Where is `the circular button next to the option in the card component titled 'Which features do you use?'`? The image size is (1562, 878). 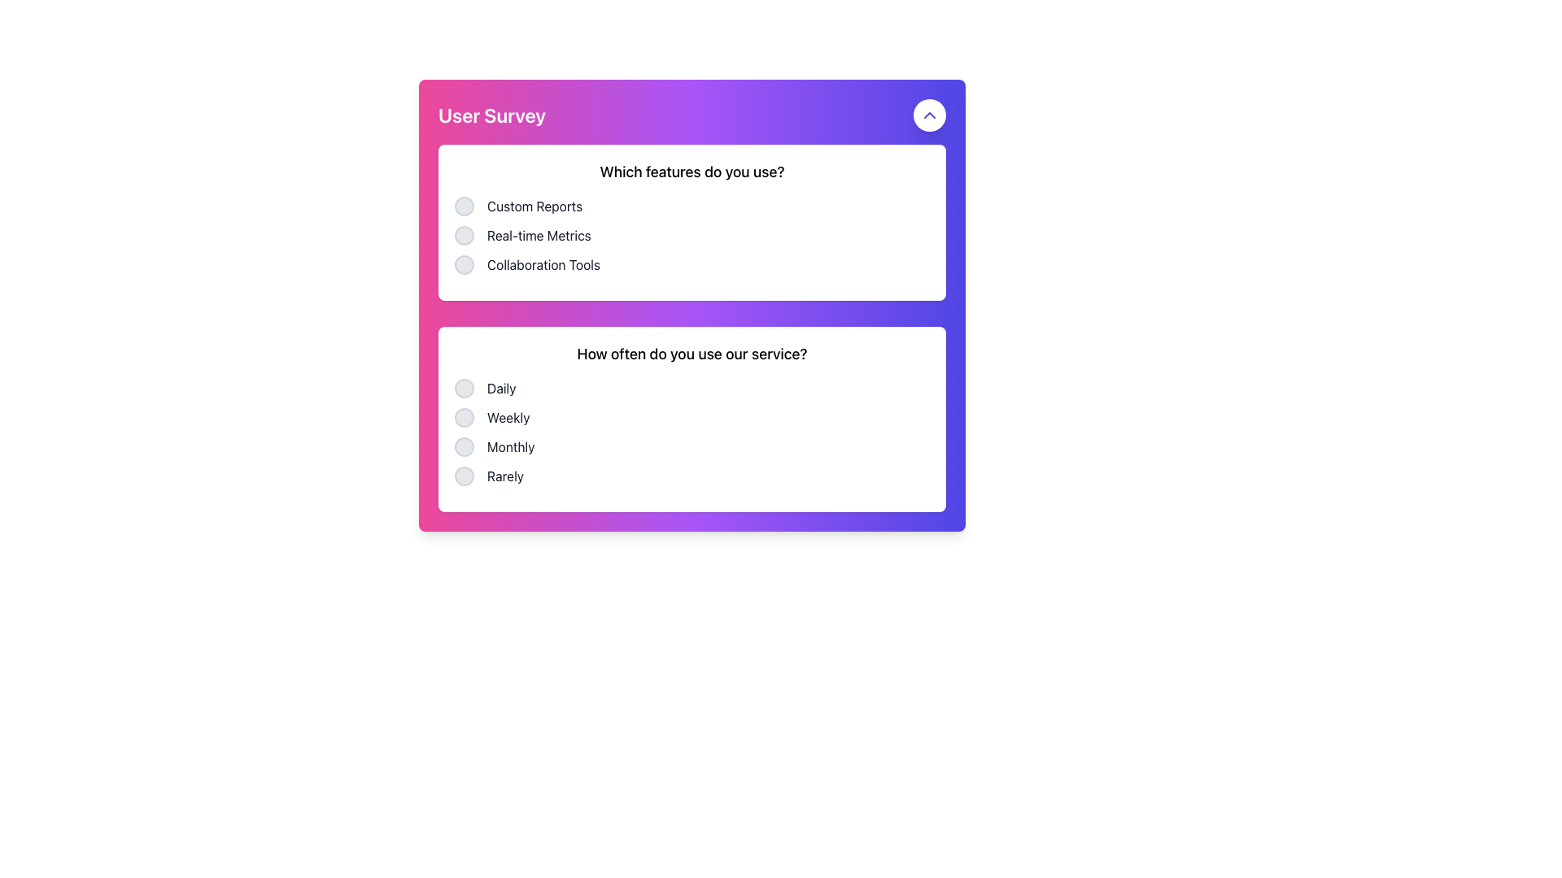 the circular button next to the option in the card component titled 'Which features do you use?' is located at coordinates (692, 222).